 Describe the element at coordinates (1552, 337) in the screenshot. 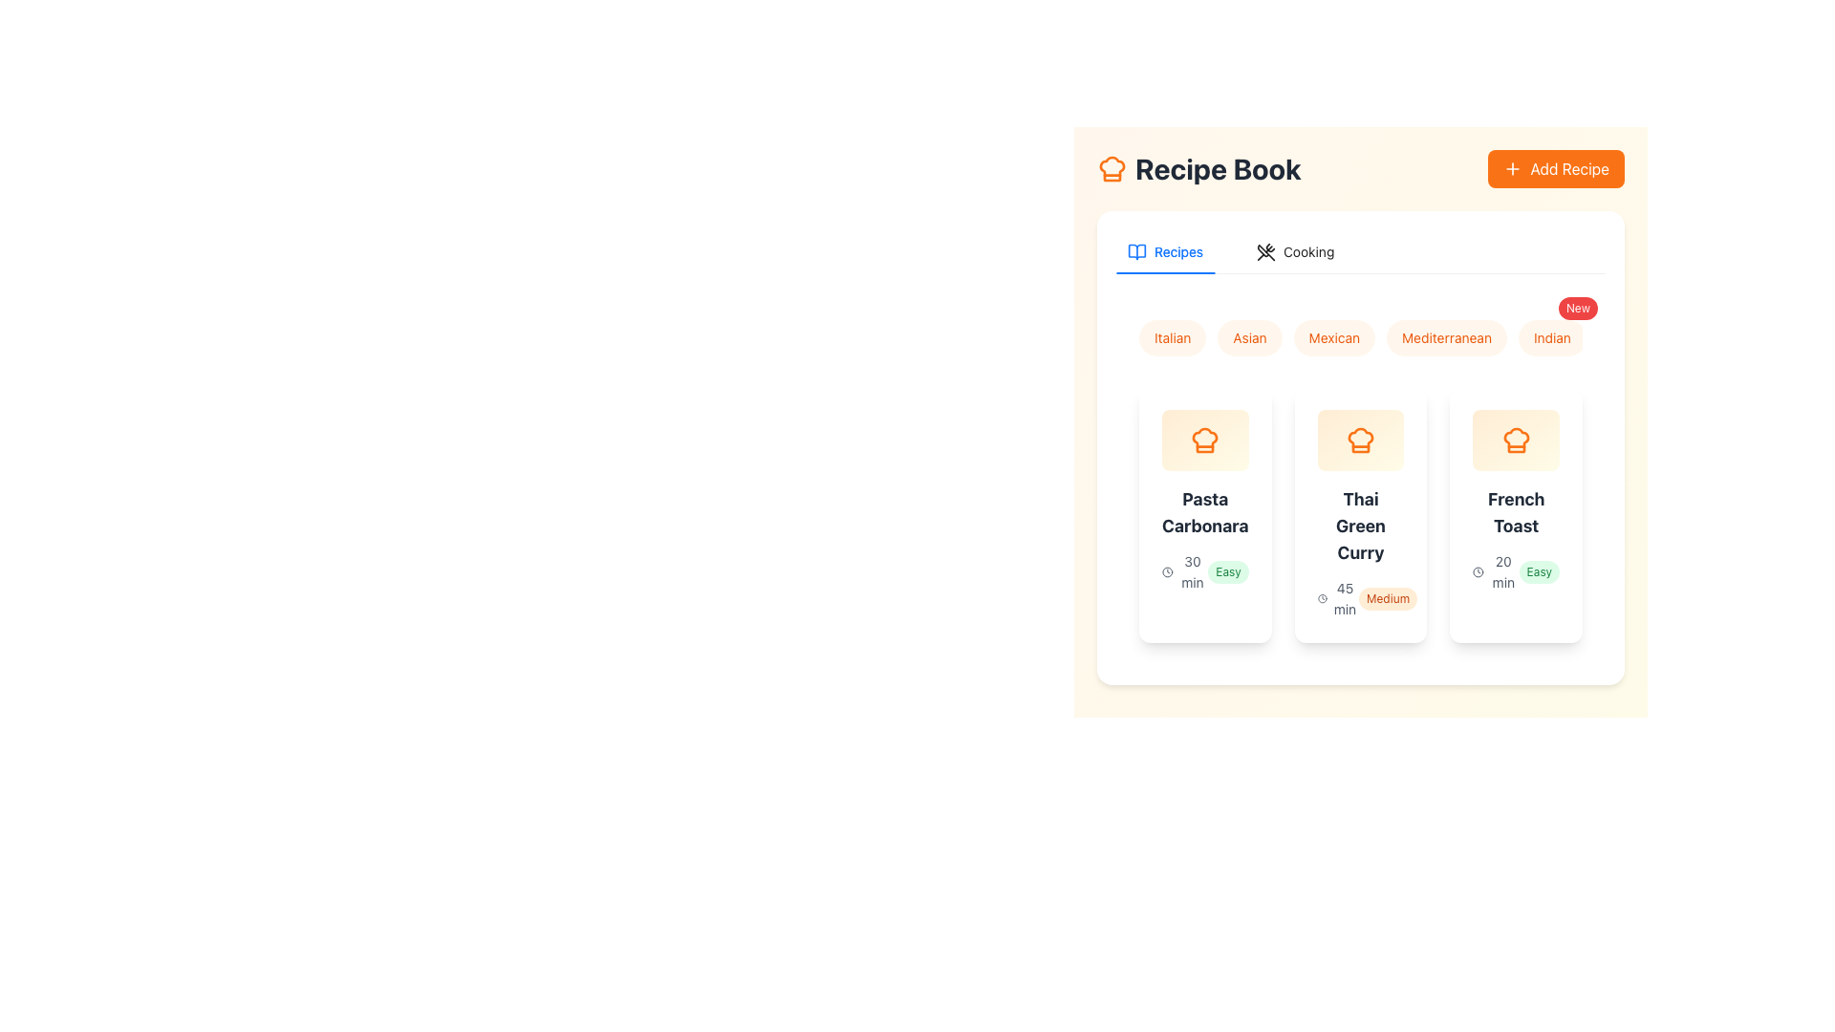

I see `the Indian cuisine filter button located at the rightmost position in the horizontal carousel of cuisine type buttons under the 'Recipes' tab for keyboard navigation` at that location.